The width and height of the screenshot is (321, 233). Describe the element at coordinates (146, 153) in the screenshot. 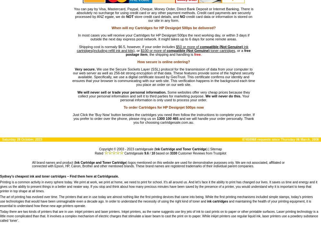

I see `'9.6'` at that location.